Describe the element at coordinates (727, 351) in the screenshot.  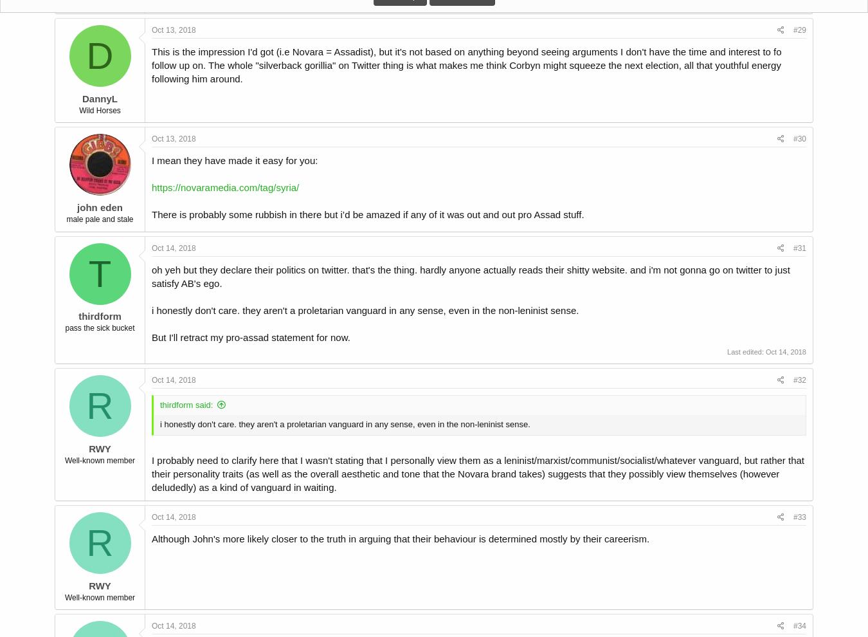
I see `'Last edited:'` at that location.